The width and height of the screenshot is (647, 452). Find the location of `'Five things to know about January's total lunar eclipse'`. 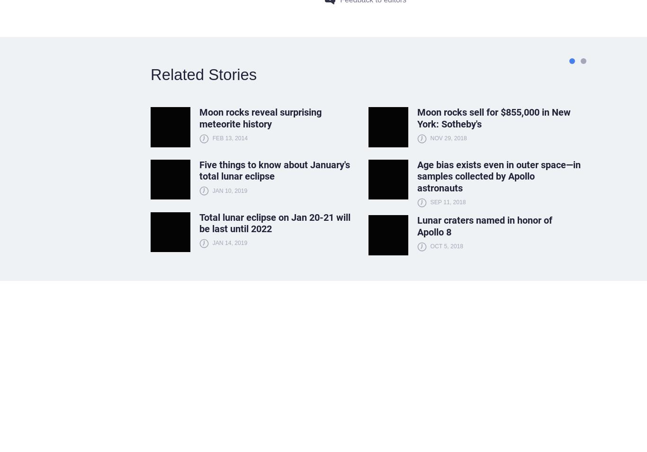

'Five things to know about January's total lunar eclipse' is located at coordinates (274, 171).